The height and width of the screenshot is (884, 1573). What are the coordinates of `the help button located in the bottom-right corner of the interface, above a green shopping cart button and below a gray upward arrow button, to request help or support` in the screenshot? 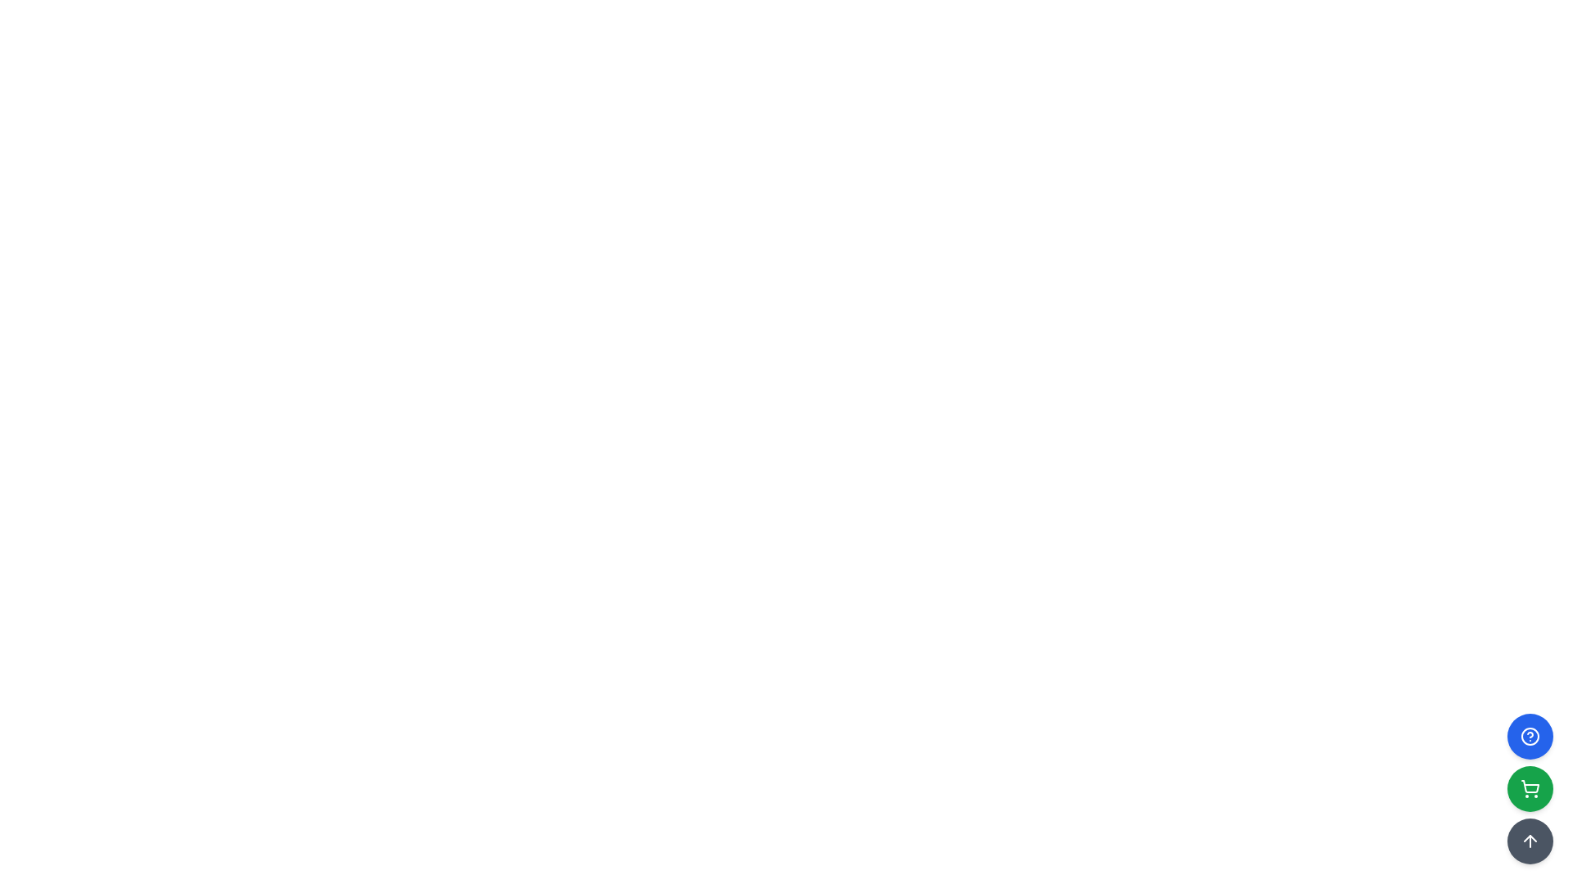 It's located at (1529, 735).